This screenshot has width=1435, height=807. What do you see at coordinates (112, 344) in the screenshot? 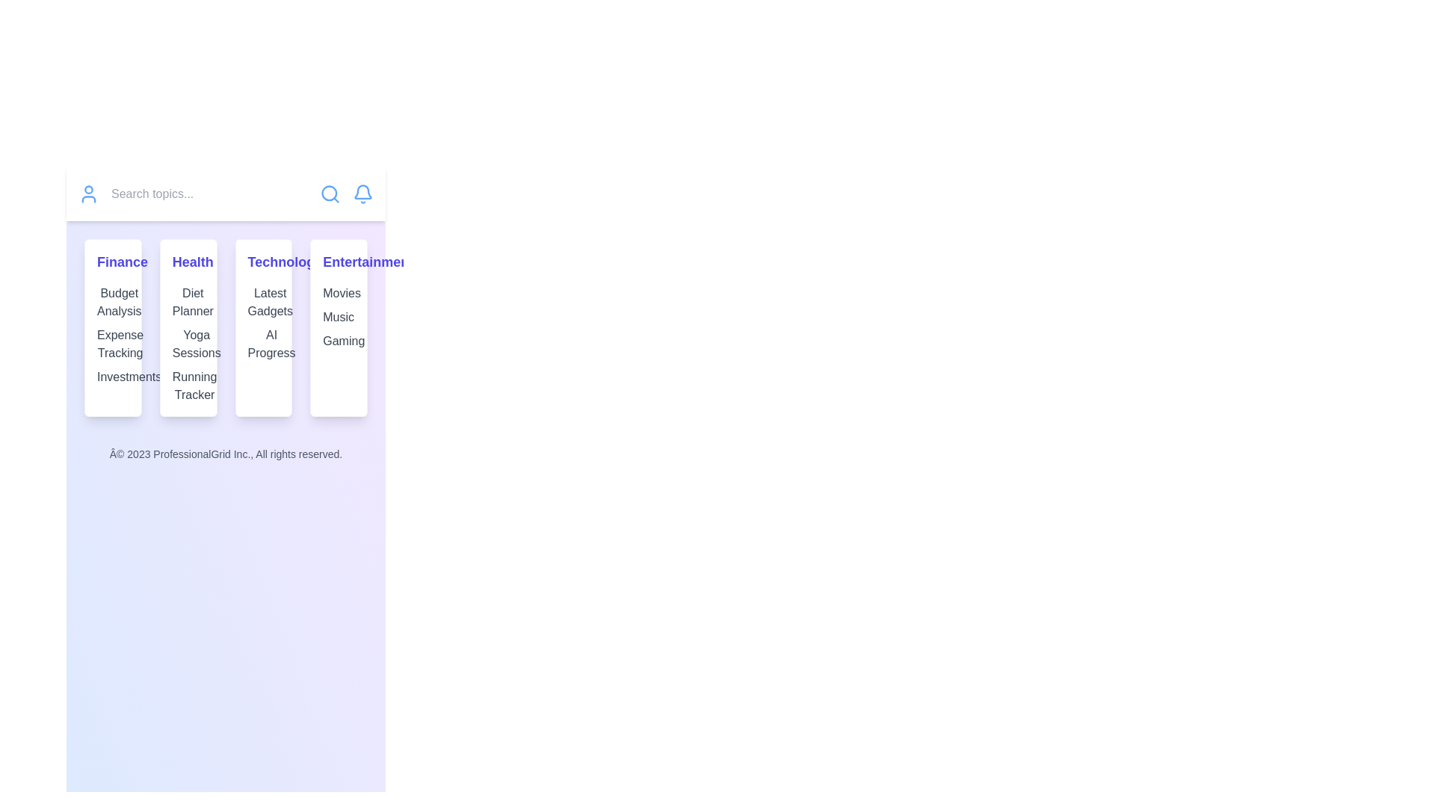
I see `'Expense Tracking' label, which is the second item in the vertical list under the 'Finance' section, displayed in gray` at bounding box center [112, 344].